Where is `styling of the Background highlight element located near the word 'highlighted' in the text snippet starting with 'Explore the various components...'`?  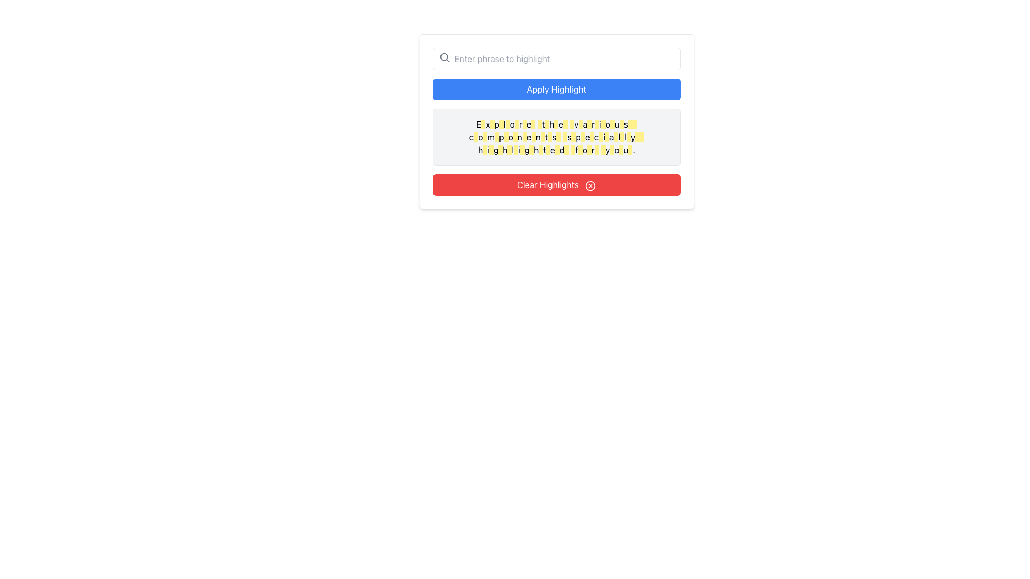 styling of the Background highlight element located near the word 'highlighted' in the text snippet starting with 'Explore the various components...' is located at coordinates (516, 150).